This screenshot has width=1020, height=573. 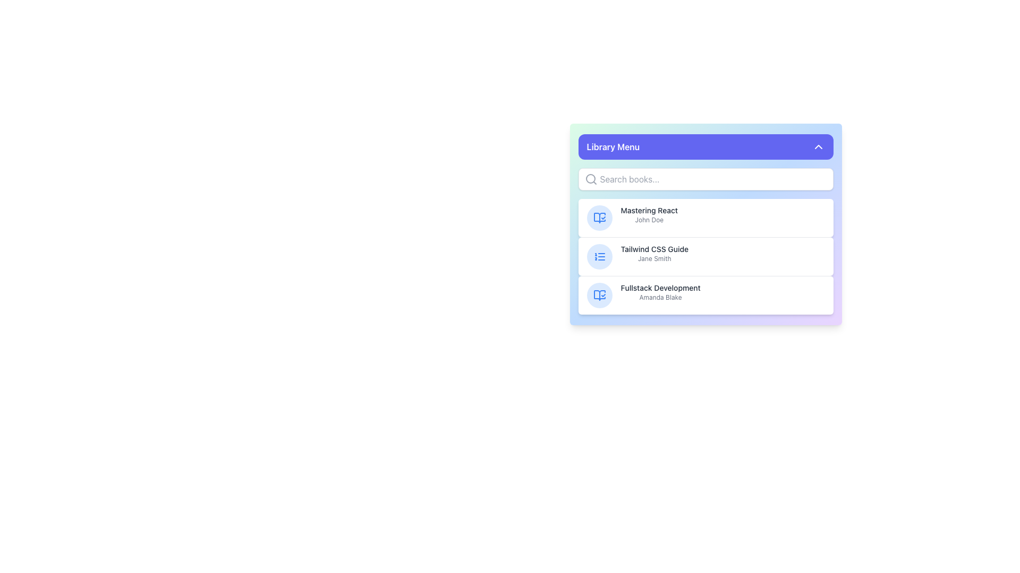 I want to click on the icon representing the ordered list function located in the second row of the 'Library Menu' interface, adjacent to 'Tailwind CSS Guide' and 'Jane Smith', so click(x=599, y=256).